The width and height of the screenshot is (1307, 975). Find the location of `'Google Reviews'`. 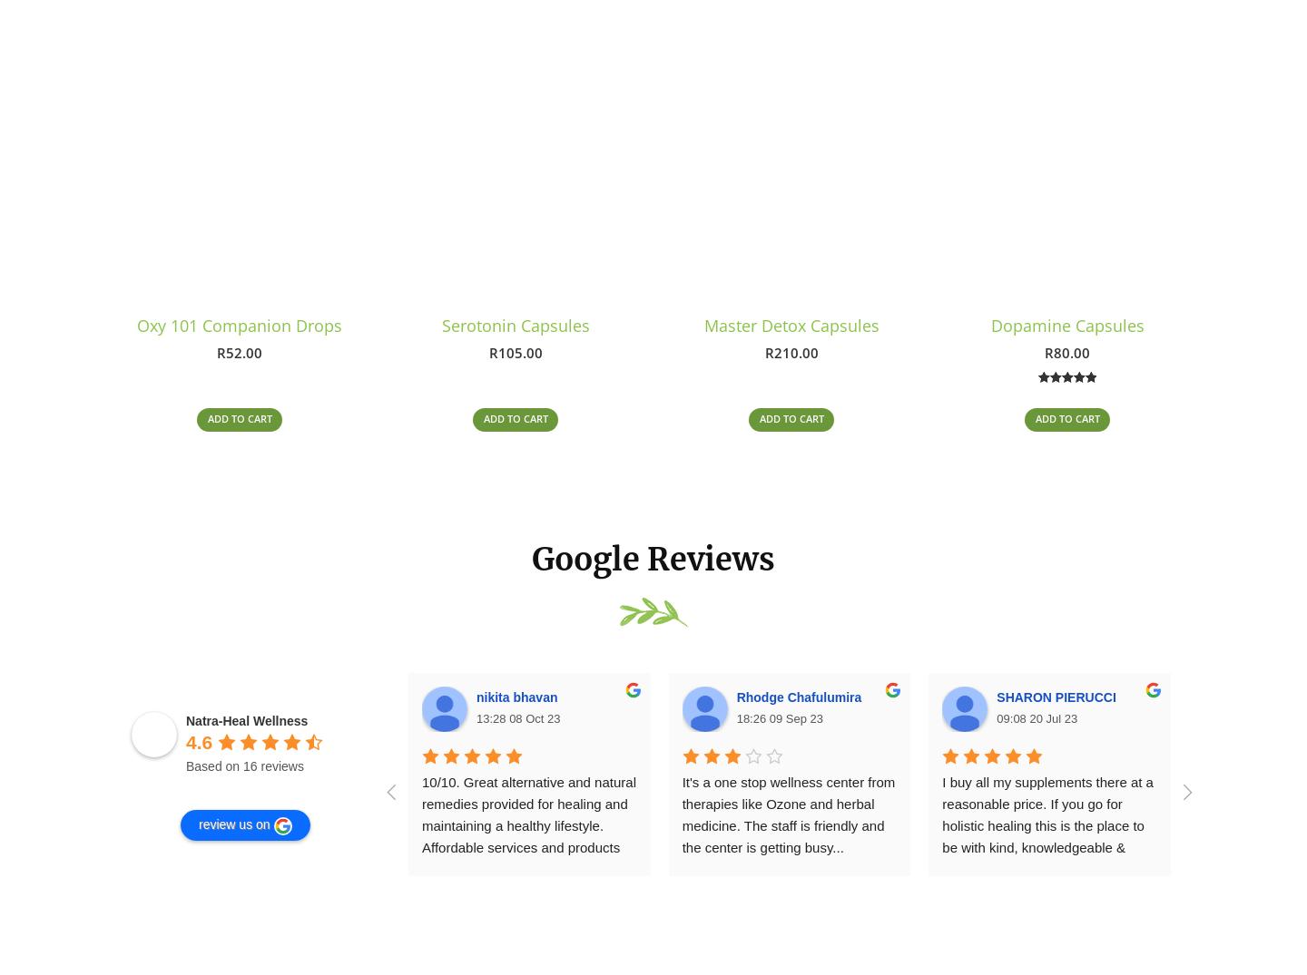

'Google Reviews' is located at coordinates (653, 566).